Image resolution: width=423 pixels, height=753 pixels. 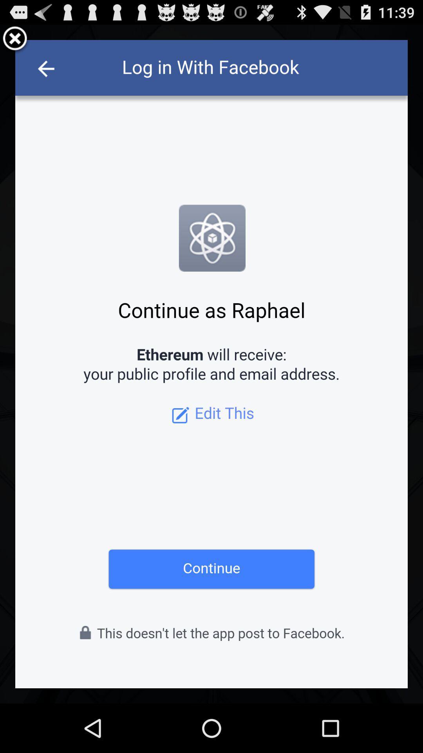 What do you see at coordinates (15, 42) in the screenshot?
I see `the close icon` at bounding box center [15, 42].